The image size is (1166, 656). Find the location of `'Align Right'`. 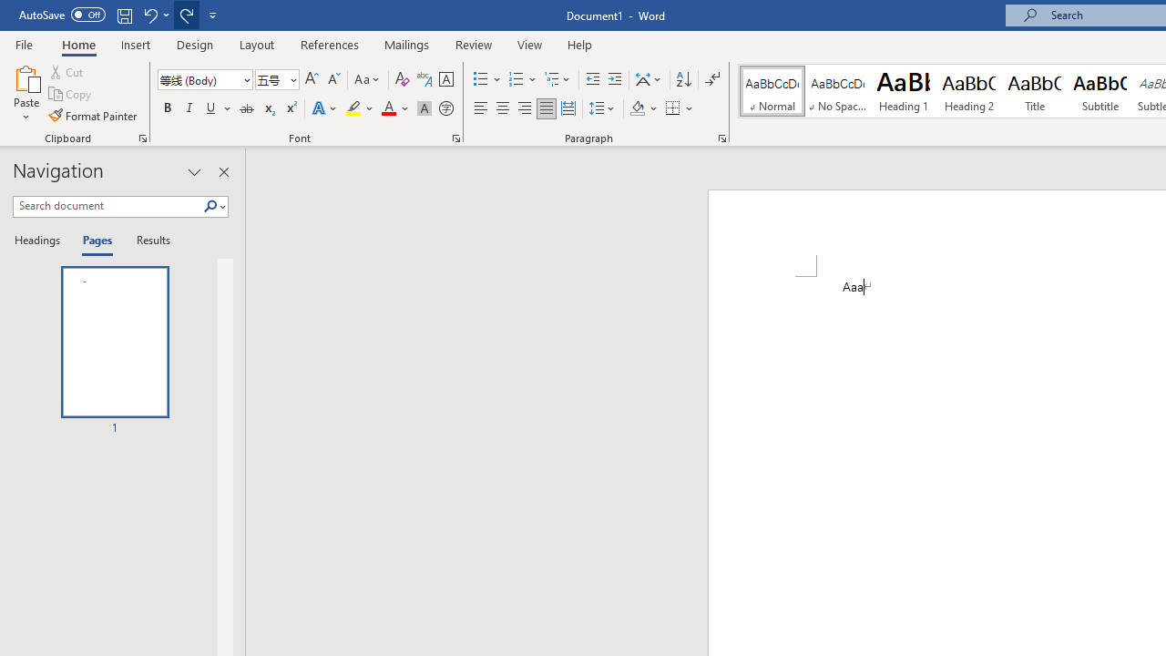

'Align Right' is located at coordinates (524, 108).